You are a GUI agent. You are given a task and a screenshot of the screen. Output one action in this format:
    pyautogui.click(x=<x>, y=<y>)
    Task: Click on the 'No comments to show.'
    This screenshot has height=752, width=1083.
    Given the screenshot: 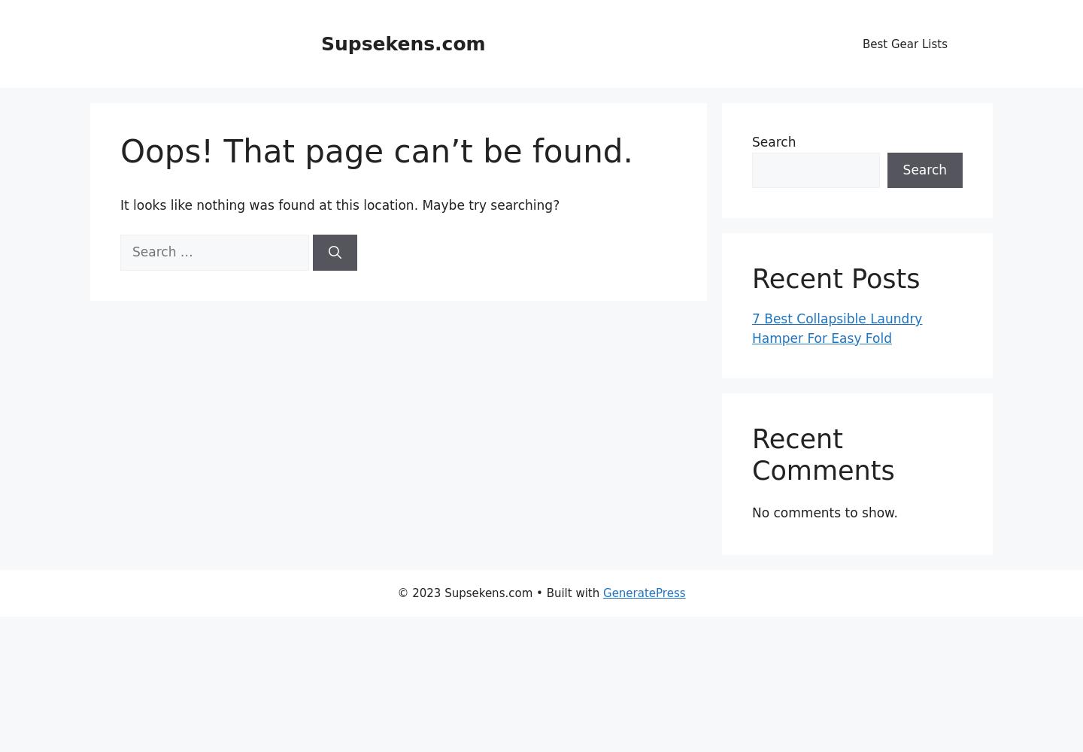 What is the action you would take?
    pyautogui.click(x=824, y=513)
    